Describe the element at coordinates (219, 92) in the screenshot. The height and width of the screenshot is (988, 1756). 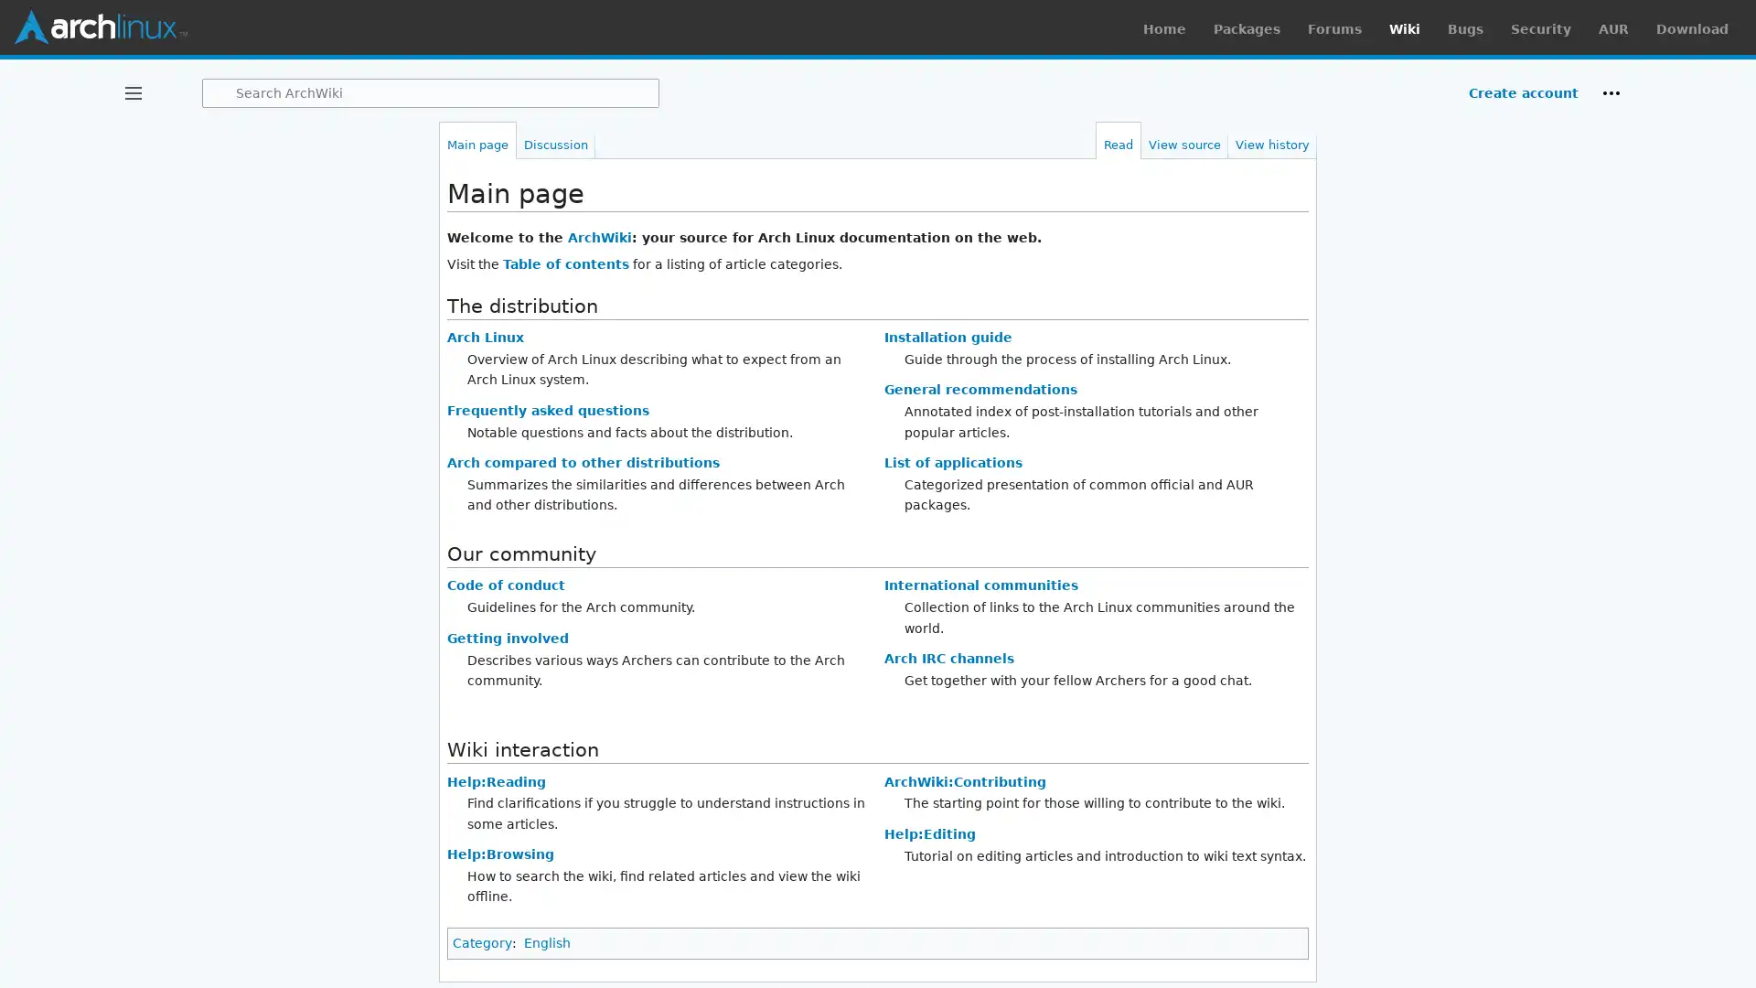
I see `Go` at that location.